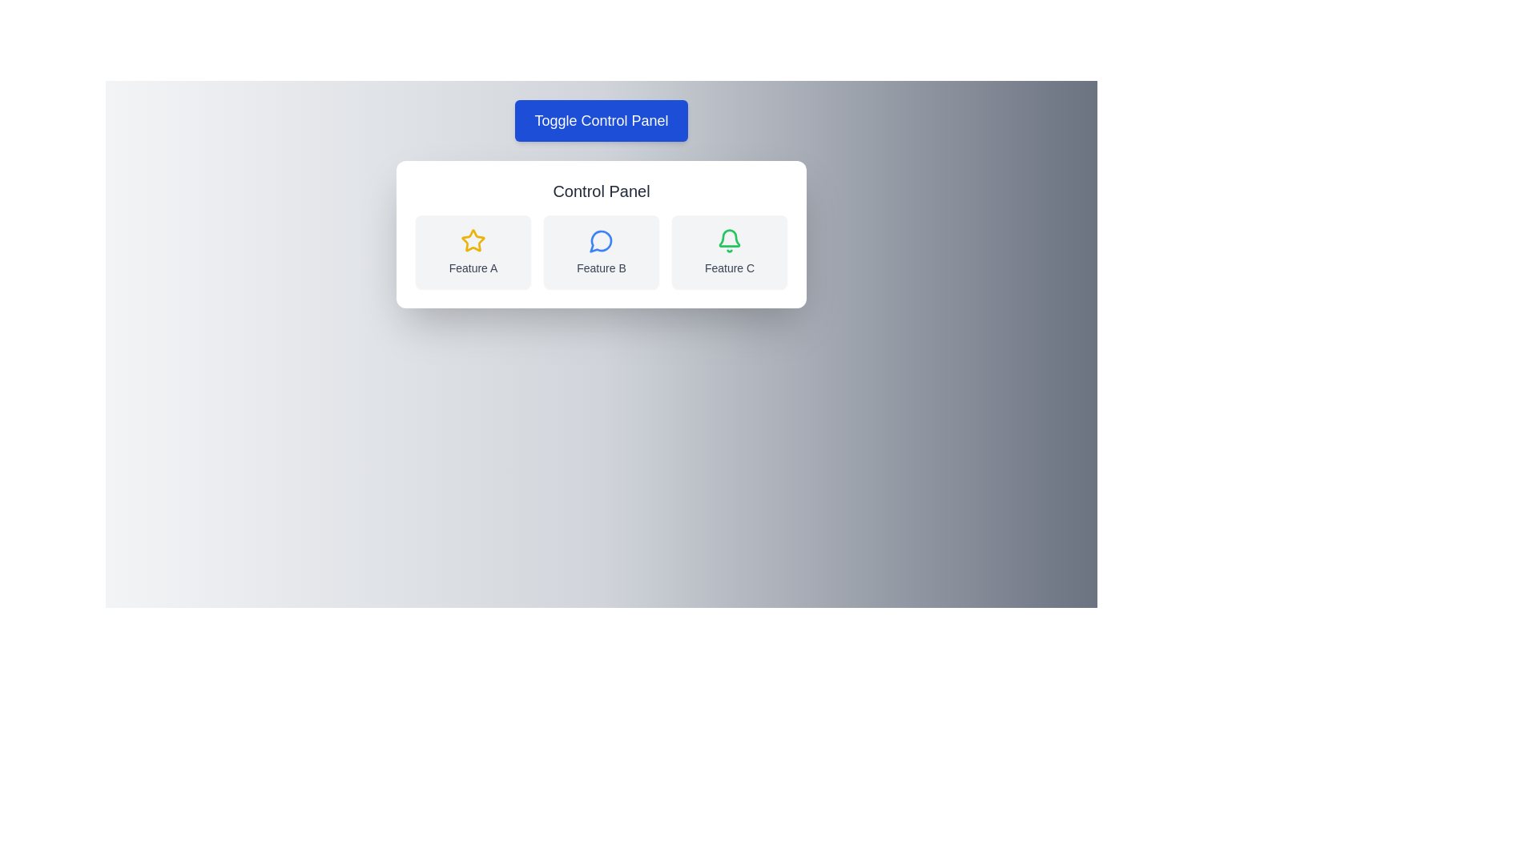 This screenshot has height=865, width=1538. Describe the element at coordinates (600, 240) in the screenshot. I see `the circular message icon outlined in blue with a white fill, located at the upper component of the 'Feature B' card in the 'Control Panel' section` at that location.